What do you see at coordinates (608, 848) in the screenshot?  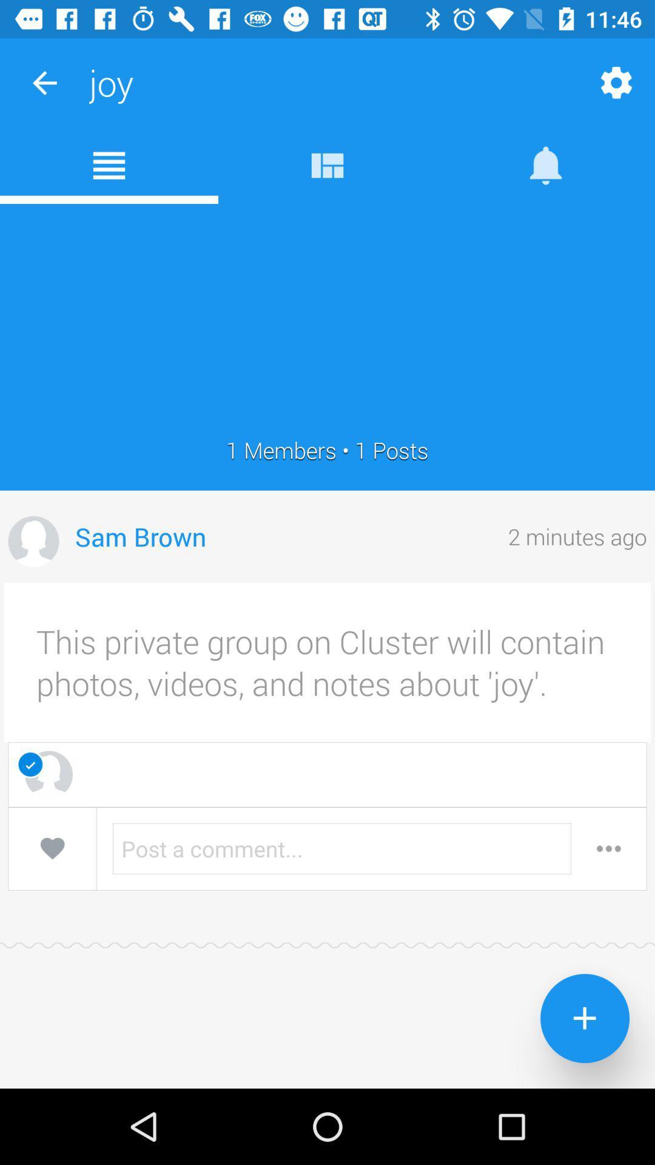 I see `search` at bounding box center [608, 848].